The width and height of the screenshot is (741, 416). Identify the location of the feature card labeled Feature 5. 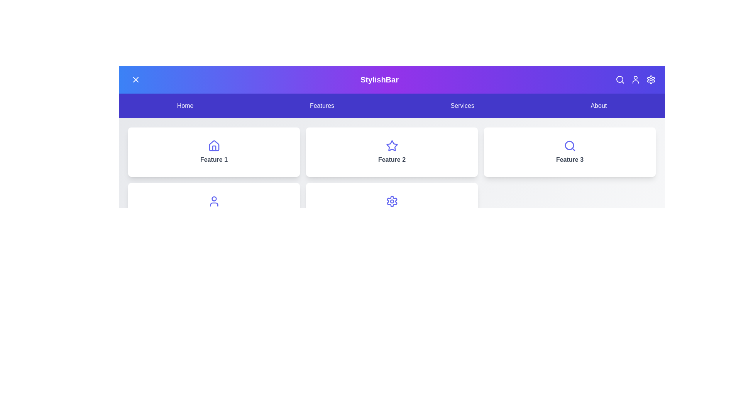
(392, 207).